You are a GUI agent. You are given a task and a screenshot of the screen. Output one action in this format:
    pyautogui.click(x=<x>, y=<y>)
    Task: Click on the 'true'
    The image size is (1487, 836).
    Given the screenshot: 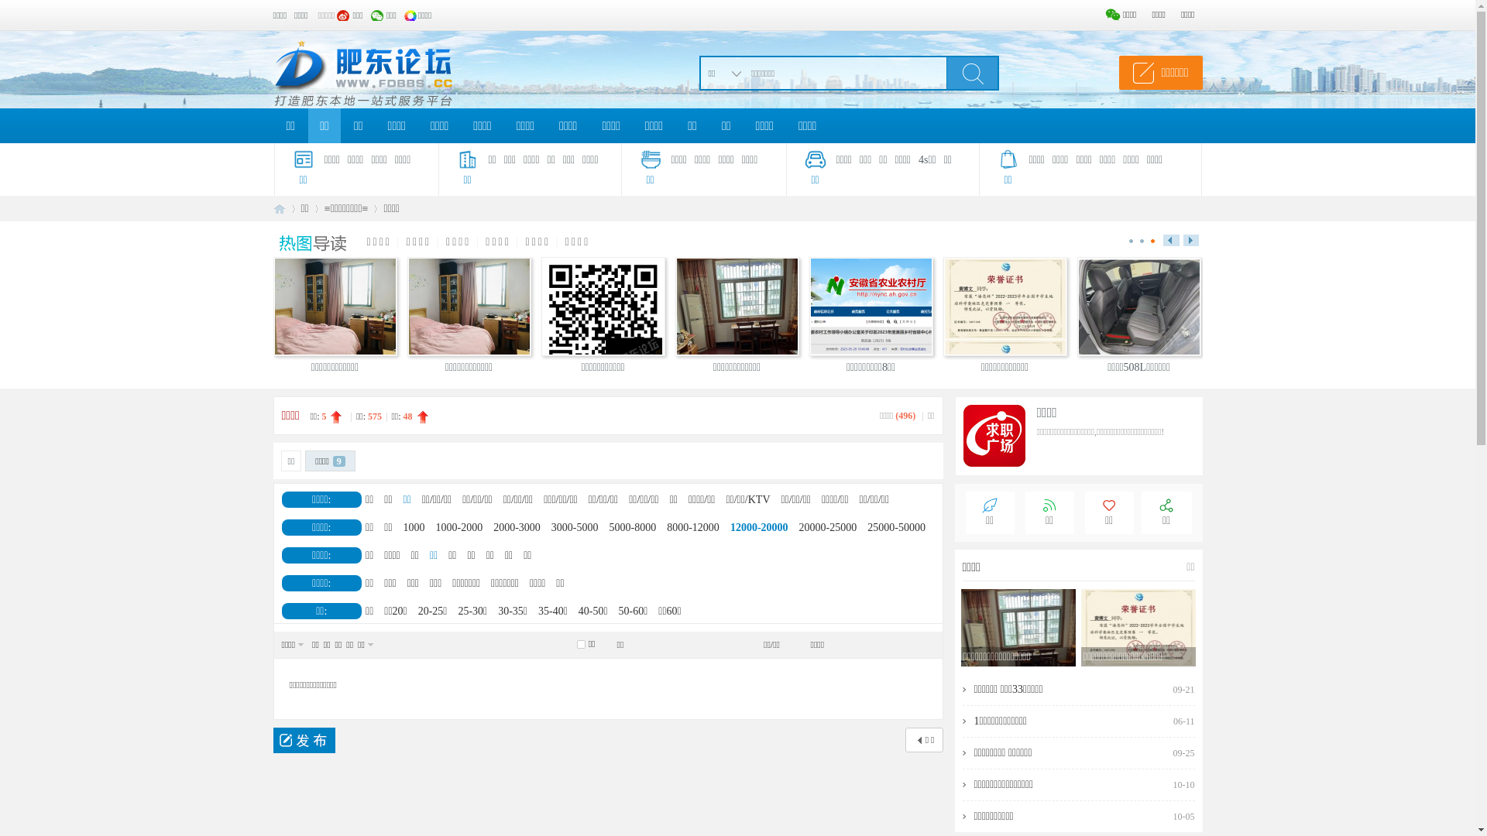 What is the action you would take?
    pyautogui.click(x=946, y=72)
    